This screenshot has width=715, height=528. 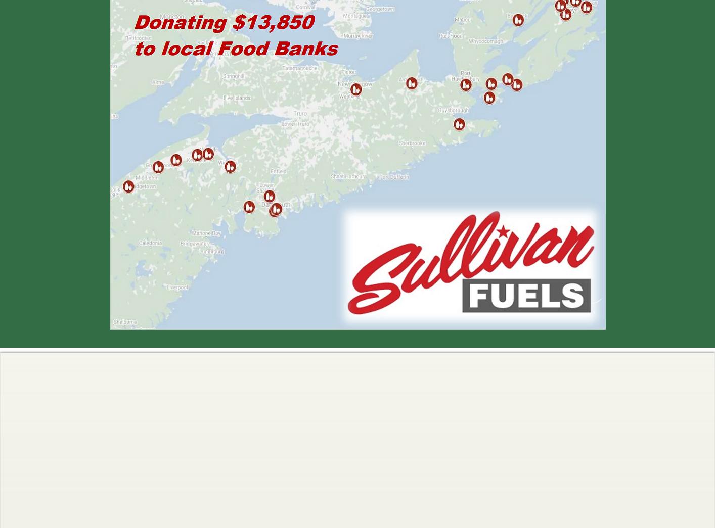 I want to click on 'Tel: 902-864-3220', so click(x=554, y=430).